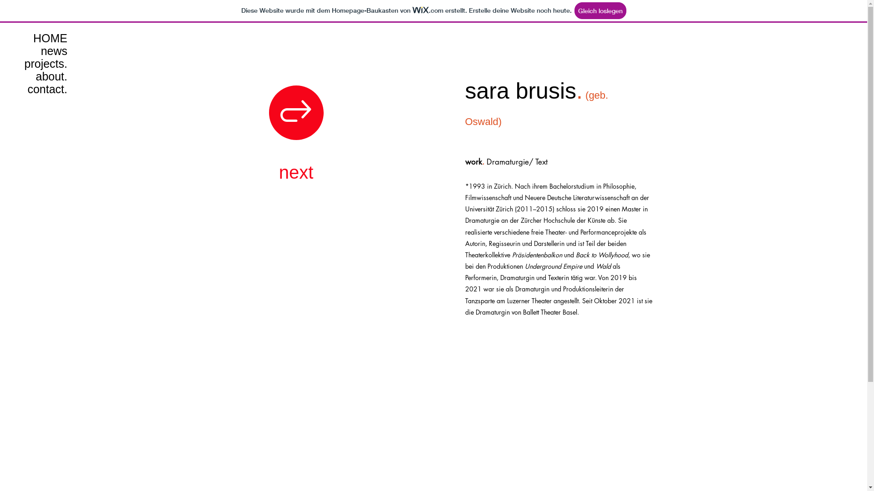 This screenshot has width=874, height=491. Describe the element at coordinates (38, 89) in the screenshot. I see `'contact.'` at that location.